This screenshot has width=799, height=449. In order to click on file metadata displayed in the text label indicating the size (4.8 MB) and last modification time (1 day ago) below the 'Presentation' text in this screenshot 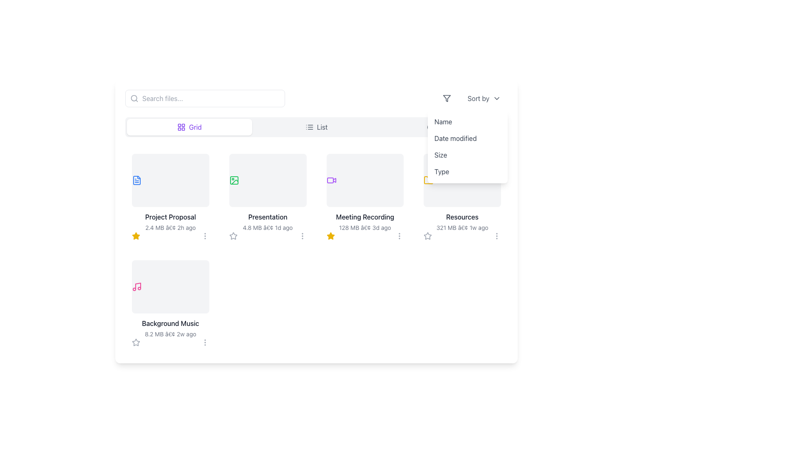, I will do `click(268, 227)`.